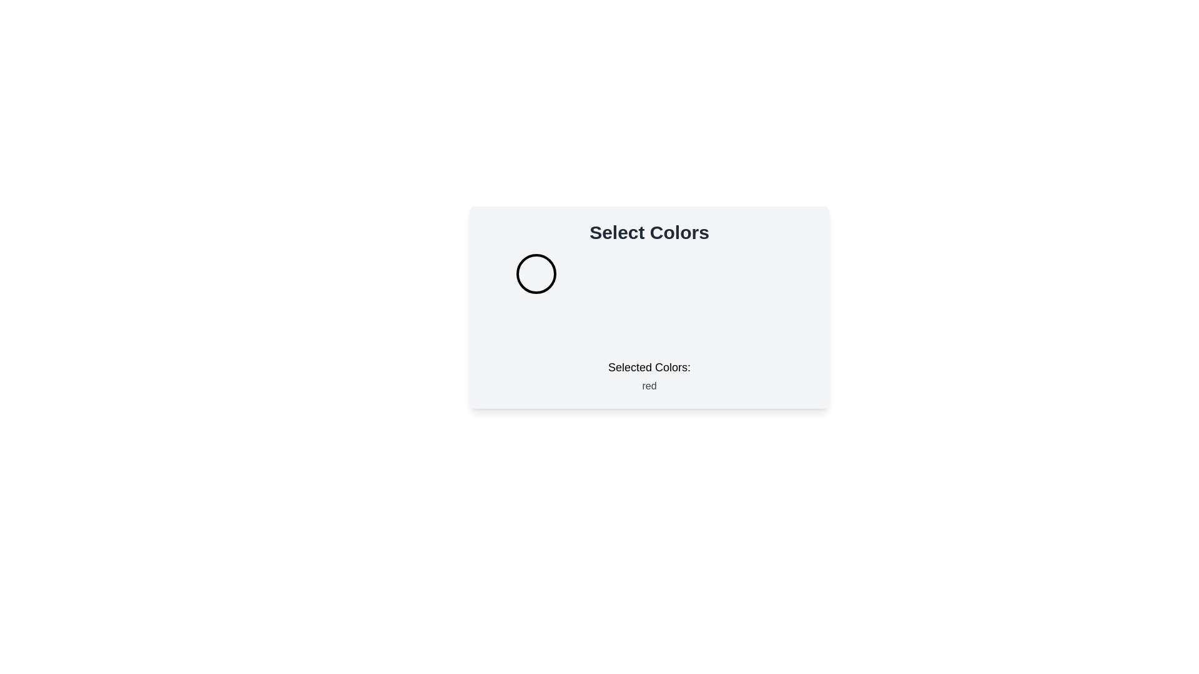  What do you see at coordinates (649, 385) in the screenshot?
I see `the Text Display element that shows the selected color name 'red', which is located below the label 'Selected Colors:' in the lower portion of the card` at bounding box center [649, 385].